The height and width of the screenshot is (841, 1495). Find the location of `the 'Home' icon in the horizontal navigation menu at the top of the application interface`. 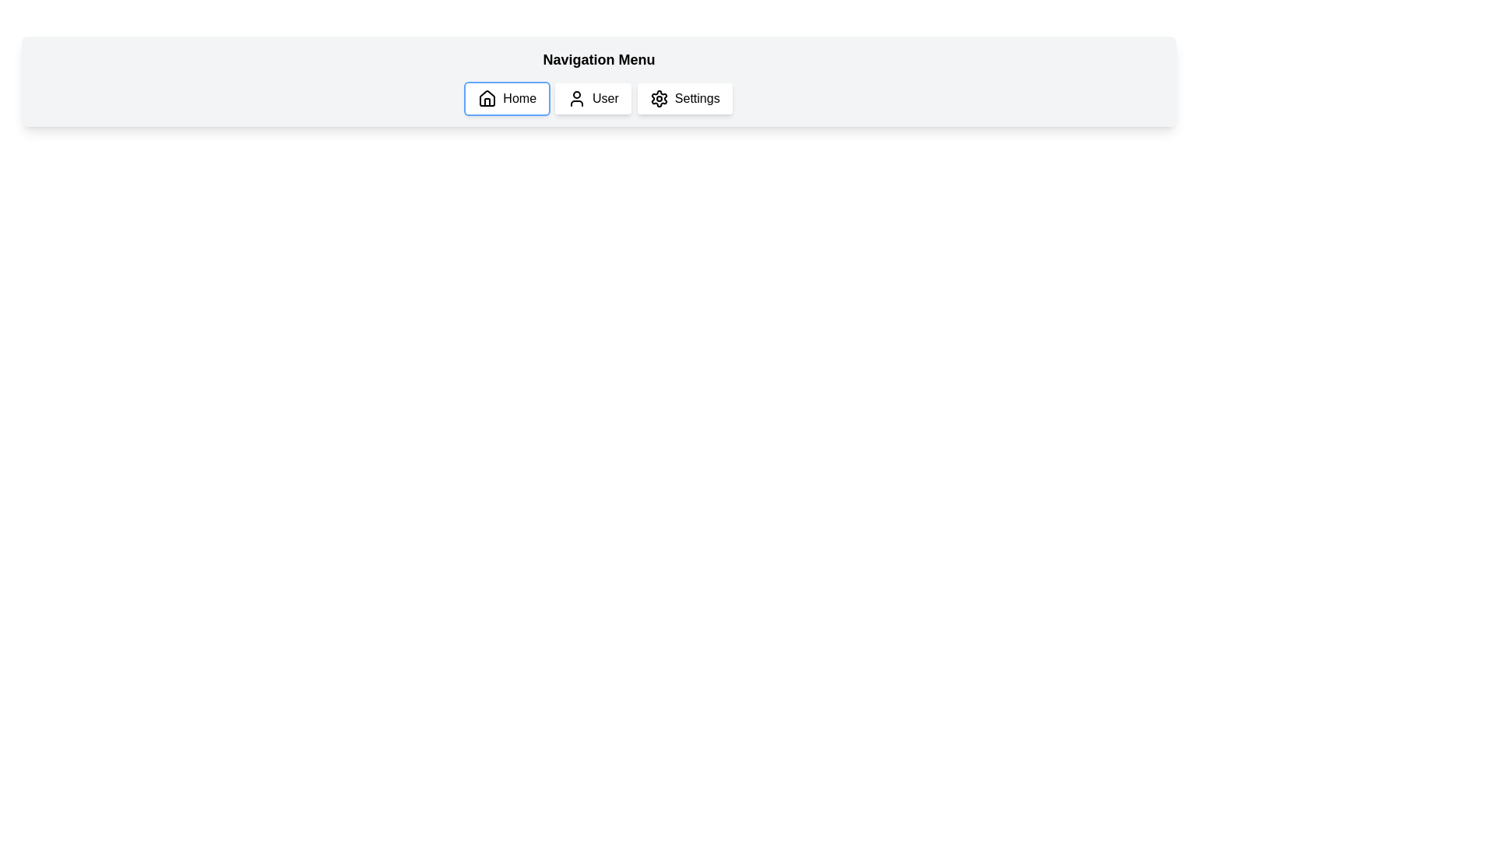

the 'Home' icon in the horizontal navigation menu at the top of the application interface is located at coordinates (487, 99).